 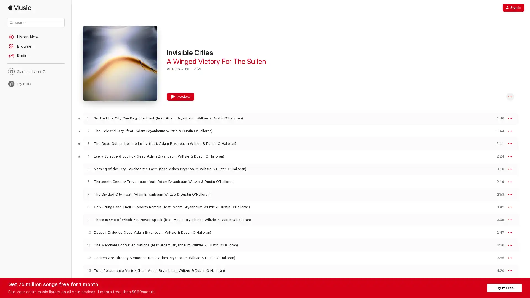 What do you see at coordinates (513, 7) in the screenshot?
I see `Sign In` at bounding box center [513, 7].